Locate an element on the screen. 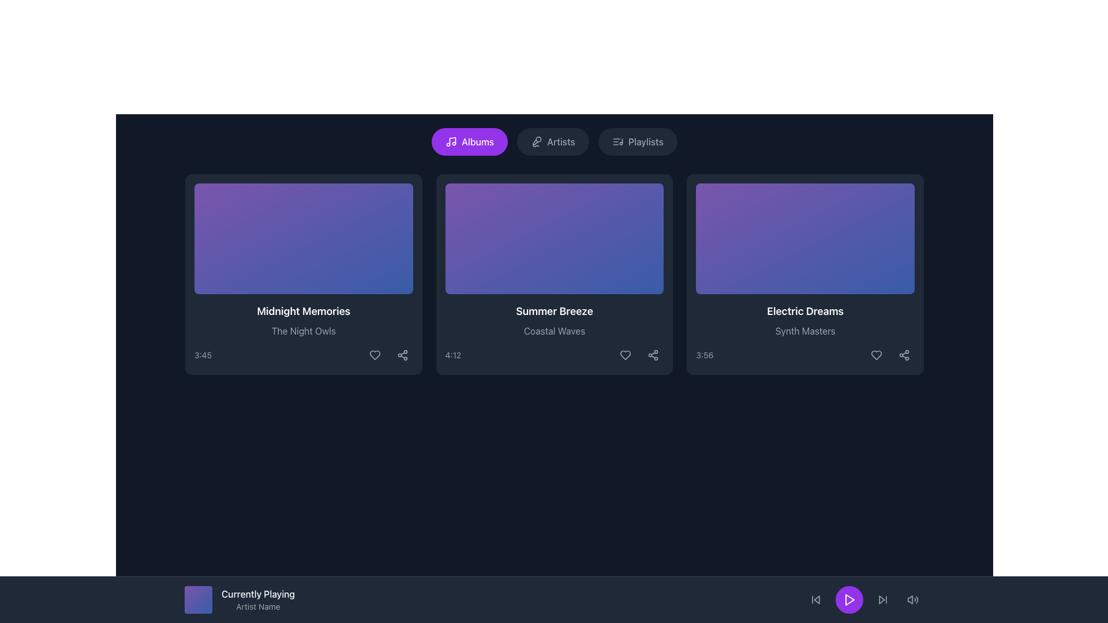 This screenshot has height=623, width=1108. the text label displaying 'Artist Name' in gray color, located in the bottom bar below 'Currently Playing' is located at coordinates (257, 606).